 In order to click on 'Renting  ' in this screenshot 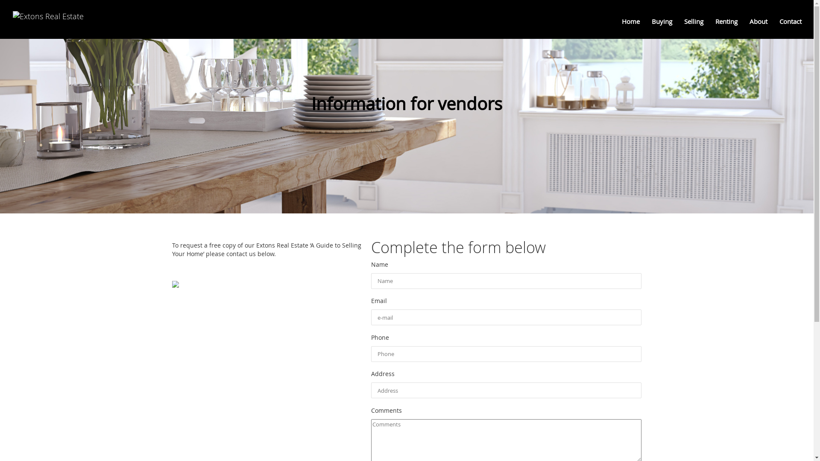, I will do `click(727, 23)`.